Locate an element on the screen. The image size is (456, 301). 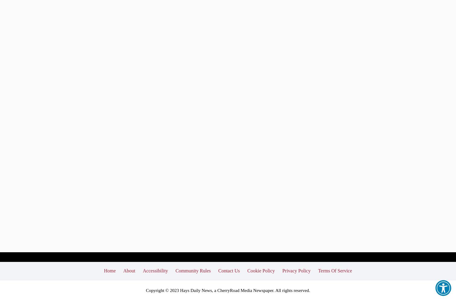
'Contact Us' is located at coordinates (229, 270).